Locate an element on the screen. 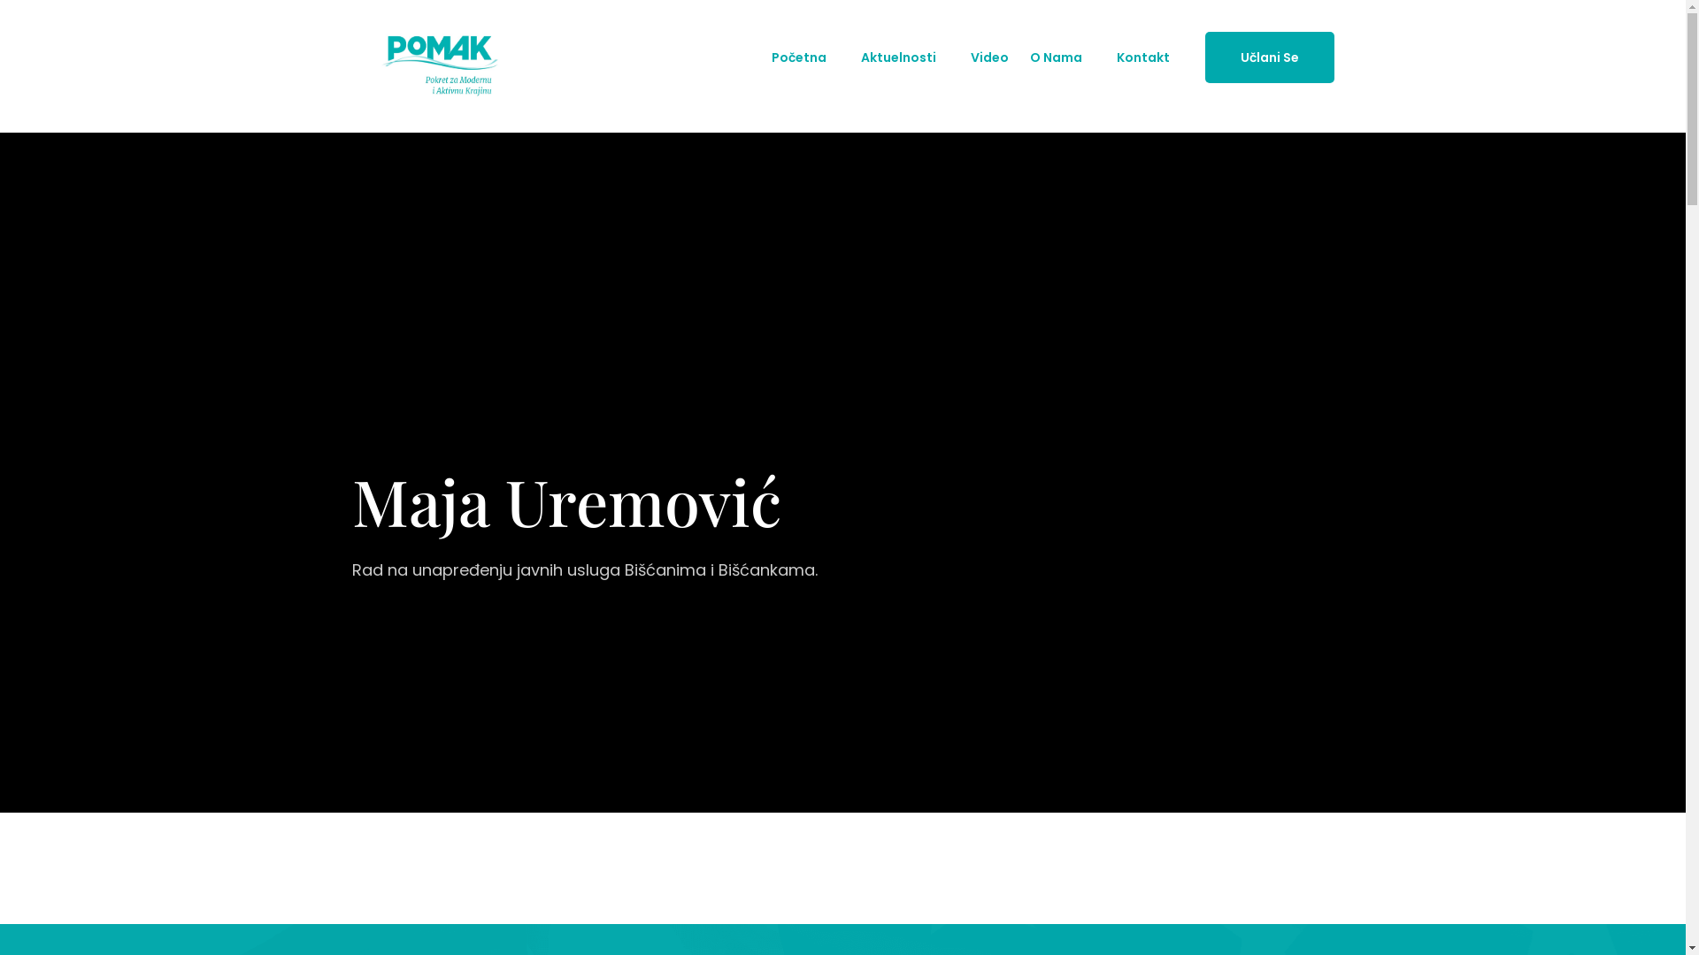 The height and width of the screenshot is (955, 1699). 'Aktuelnosti' is located at coordinates (897, 57).